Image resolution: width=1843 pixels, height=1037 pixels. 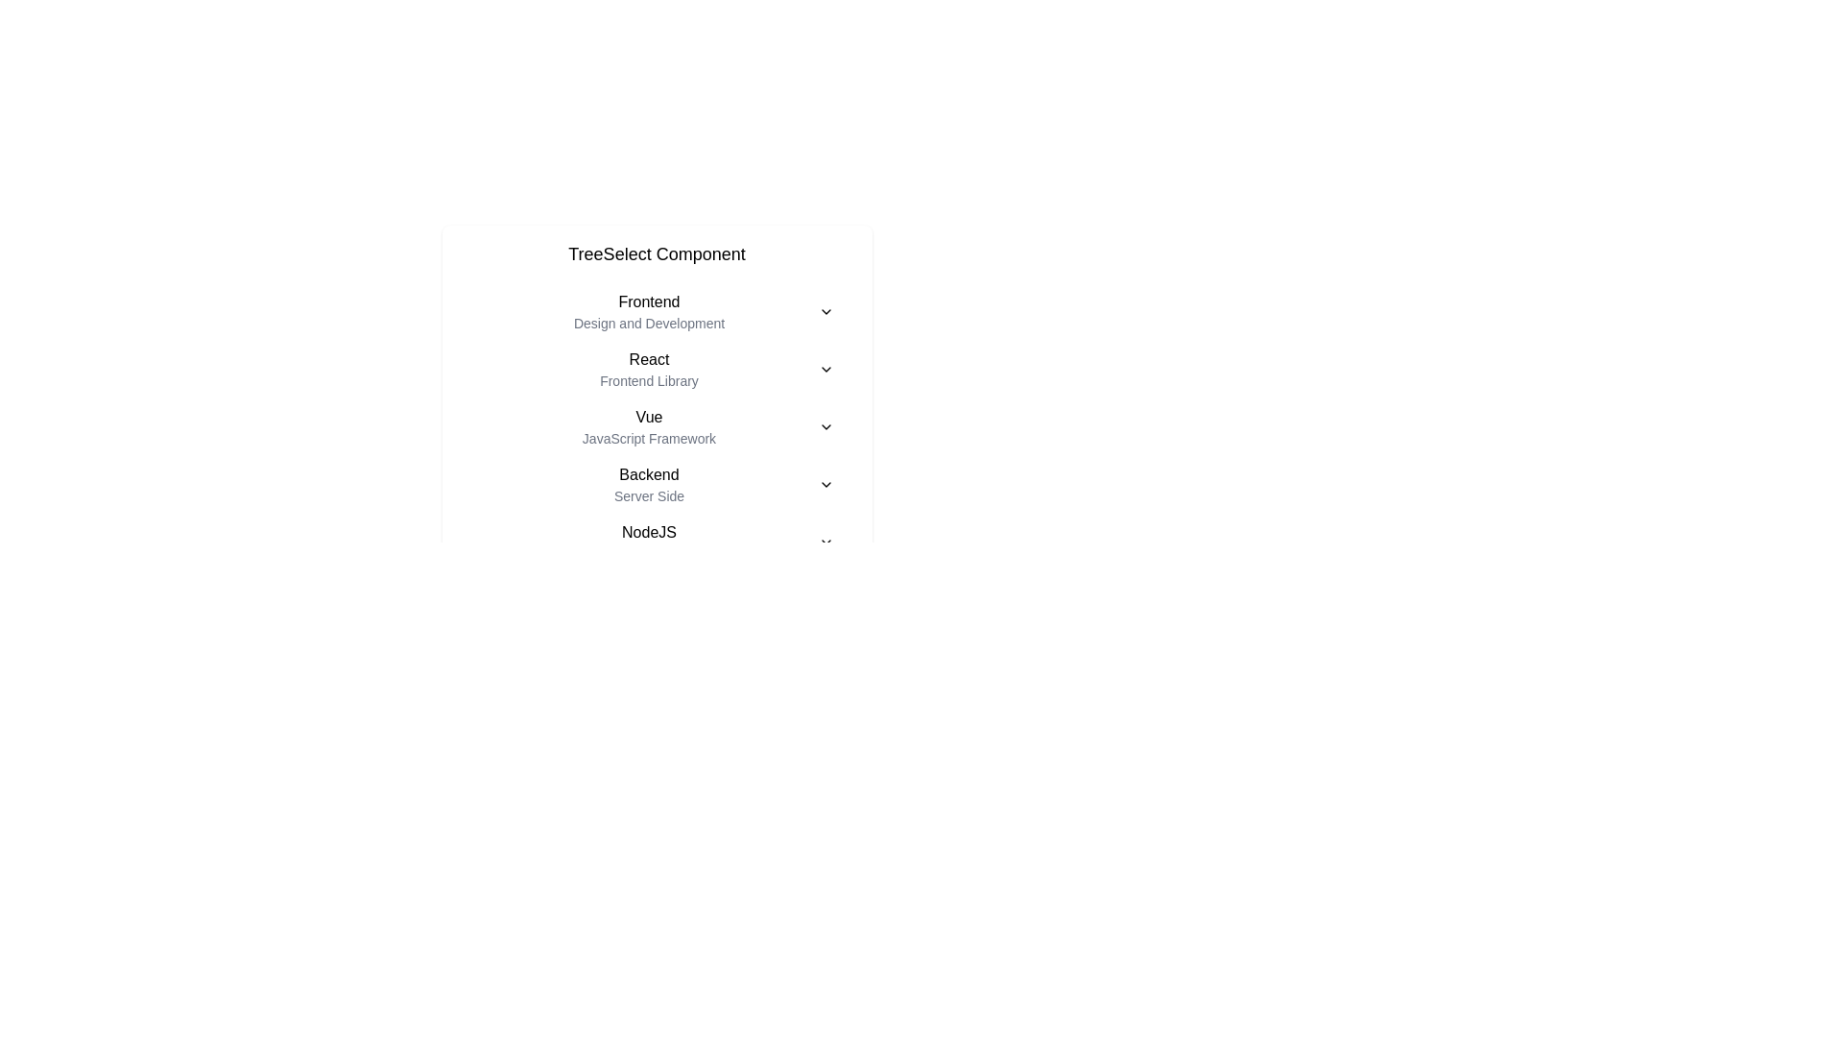 I want to click on the selectable option labeled 'Frontend' which features bold text and an arrow icon, so click(x=657, y=310).